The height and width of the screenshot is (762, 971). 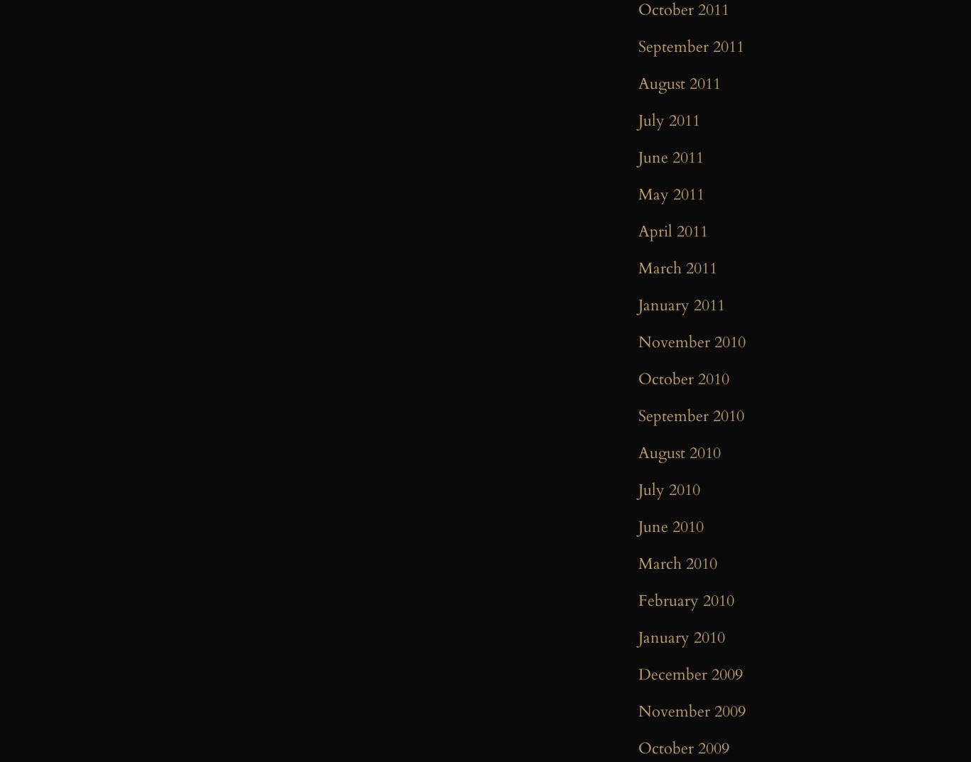 I want to click on 'July 2010', so click(x=669, y=490).